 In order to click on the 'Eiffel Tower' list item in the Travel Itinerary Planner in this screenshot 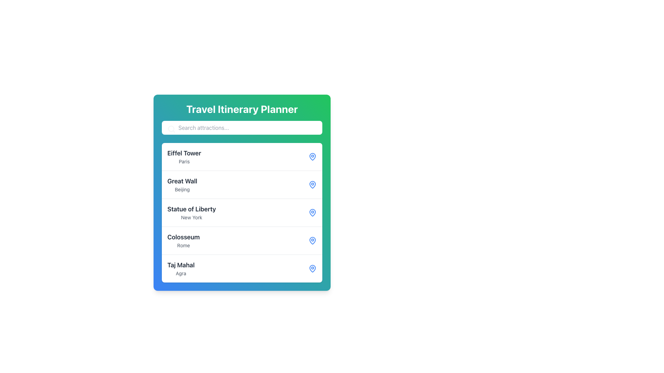, I will do `click(184, 157)`.